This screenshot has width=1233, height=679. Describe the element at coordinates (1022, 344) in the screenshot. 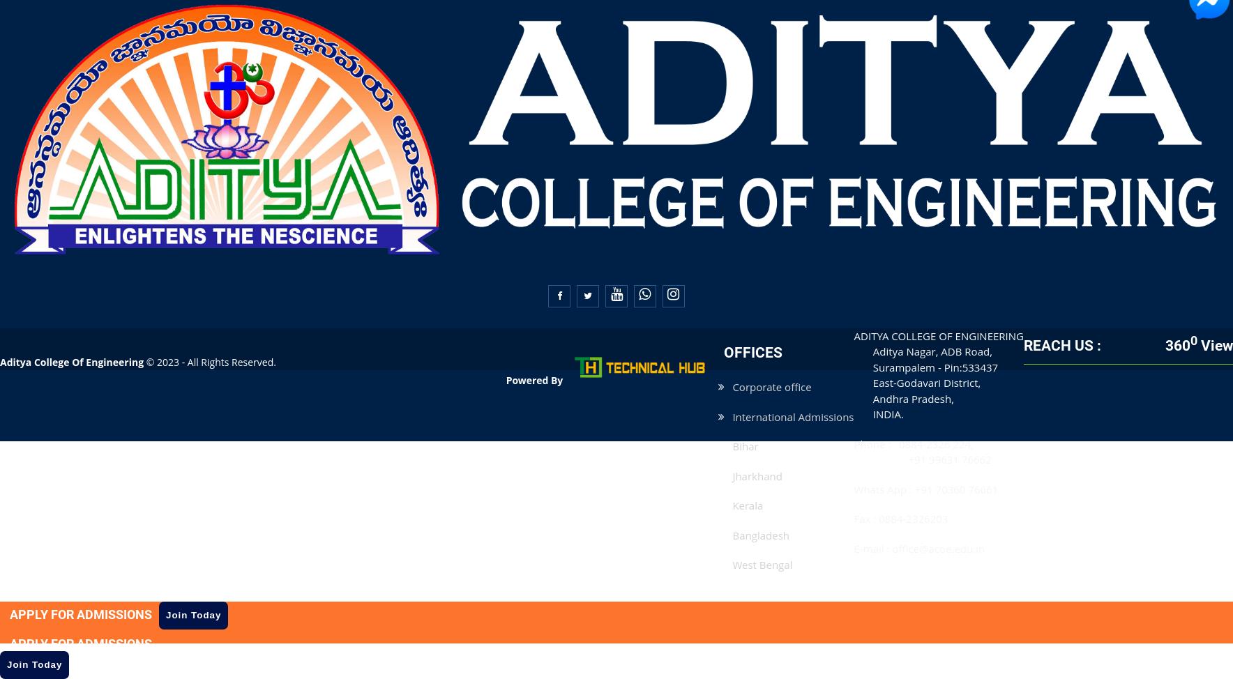

I see `'REACH US :'` at that location.